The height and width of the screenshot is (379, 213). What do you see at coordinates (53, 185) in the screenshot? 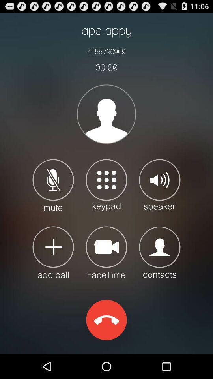
I see `mute option for stop hearing the other end user` at bounding box center [53, 185].